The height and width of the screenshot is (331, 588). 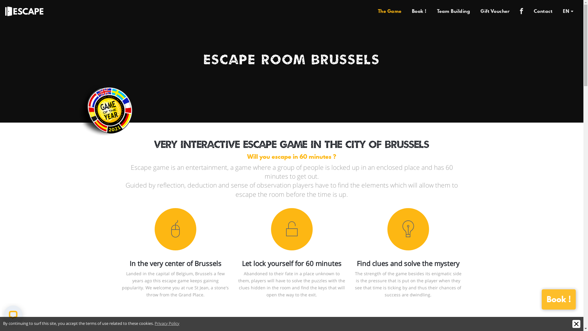 What do you see at coordinates (24, 10) in the screenshot?
I see `'Escape'` at bounding box center [24, 10].